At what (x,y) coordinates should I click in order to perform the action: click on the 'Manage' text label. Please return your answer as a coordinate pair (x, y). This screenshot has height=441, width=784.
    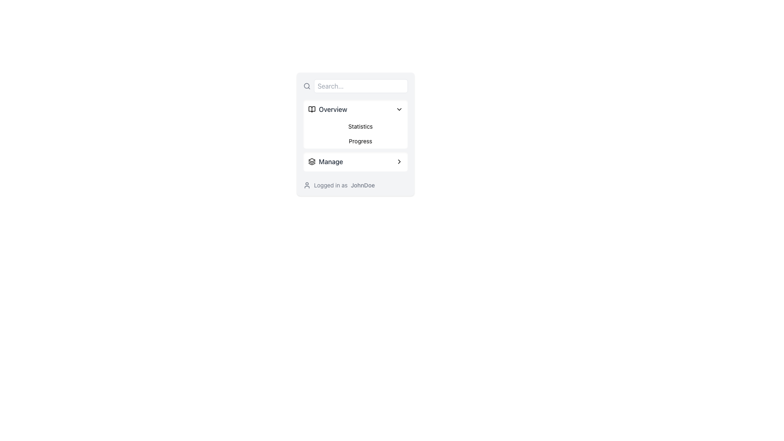
    Looking at the image, I should click on (331, 162).